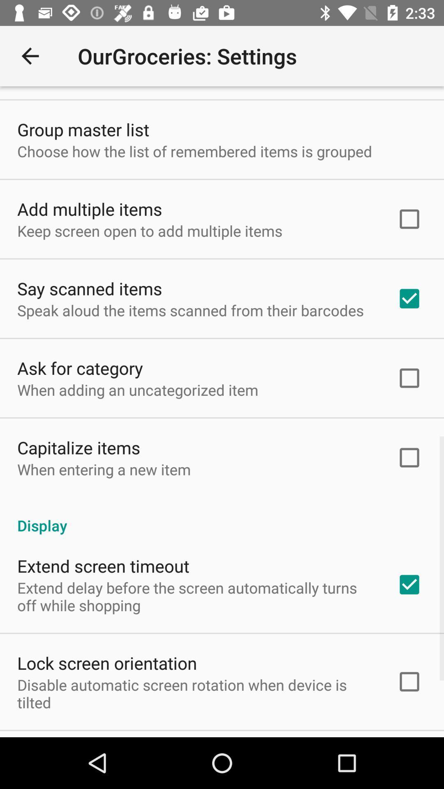  I want to click on icon above the choose how the icon, so click(83, 129).